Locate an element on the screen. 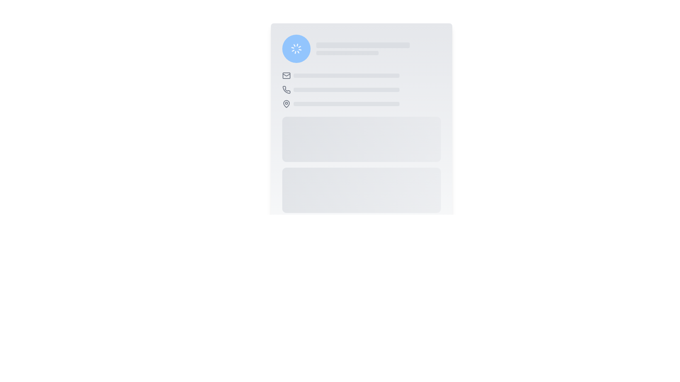  the Spinner or loading indicator located at the center of the circular blue area in the top-left section of the detailed information card is located at coordinates (296, 48).